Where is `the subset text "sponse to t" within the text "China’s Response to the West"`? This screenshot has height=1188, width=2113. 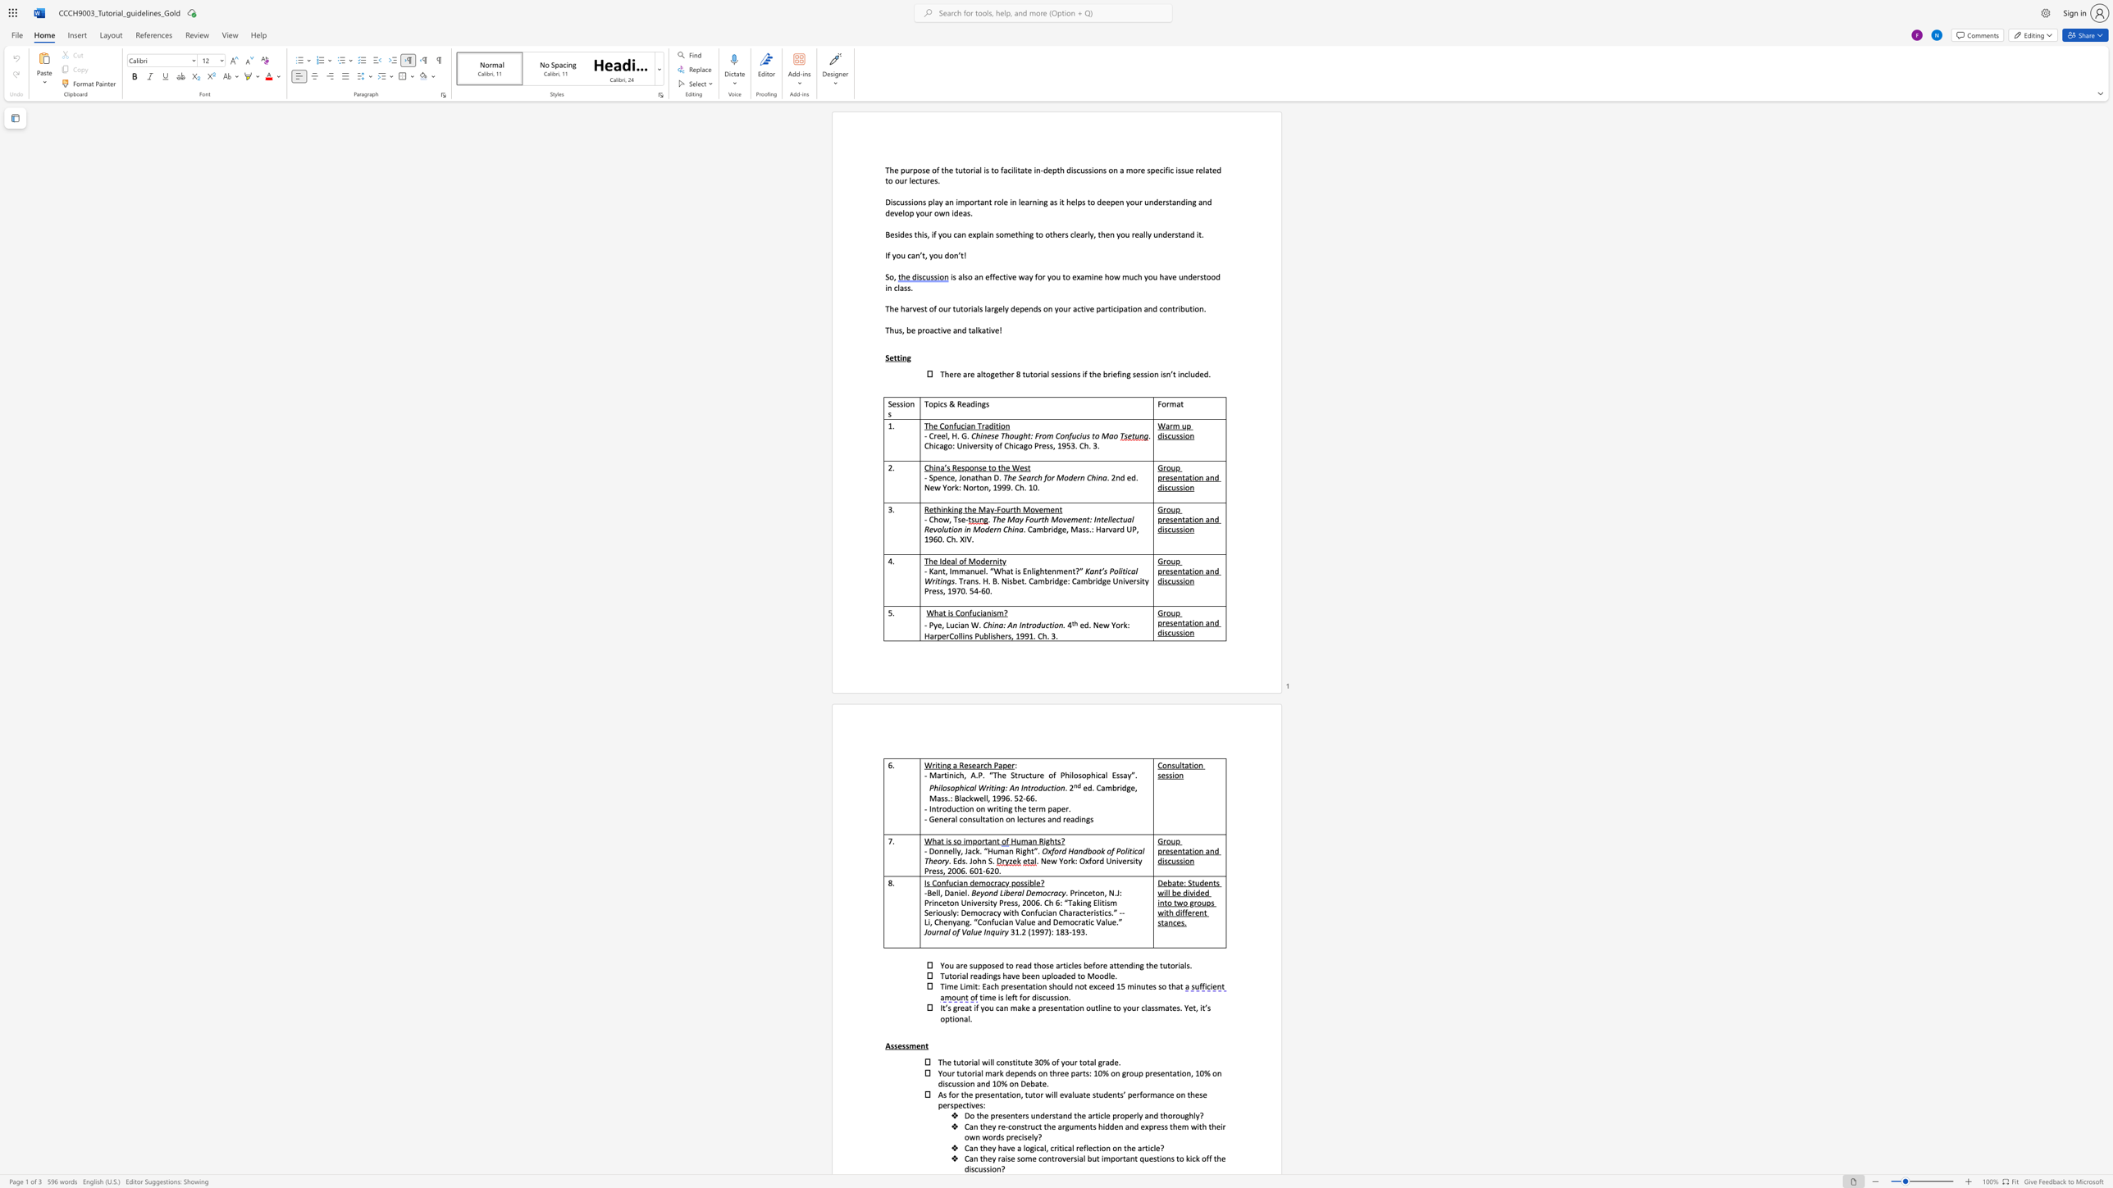
the subset text "sponse to t" within the text "China’s Response to the West" is located at coordinates (961, 467).